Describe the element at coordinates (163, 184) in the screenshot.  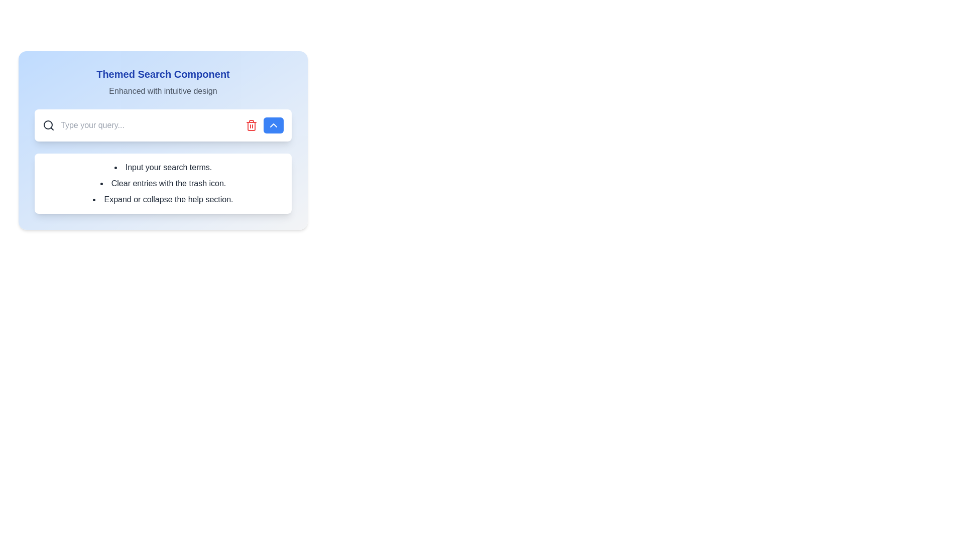
I see `the instructional text block that guides the user to utilize the trash icon to clear entries, which is the second item in the vertical list of bullet points` at that location.